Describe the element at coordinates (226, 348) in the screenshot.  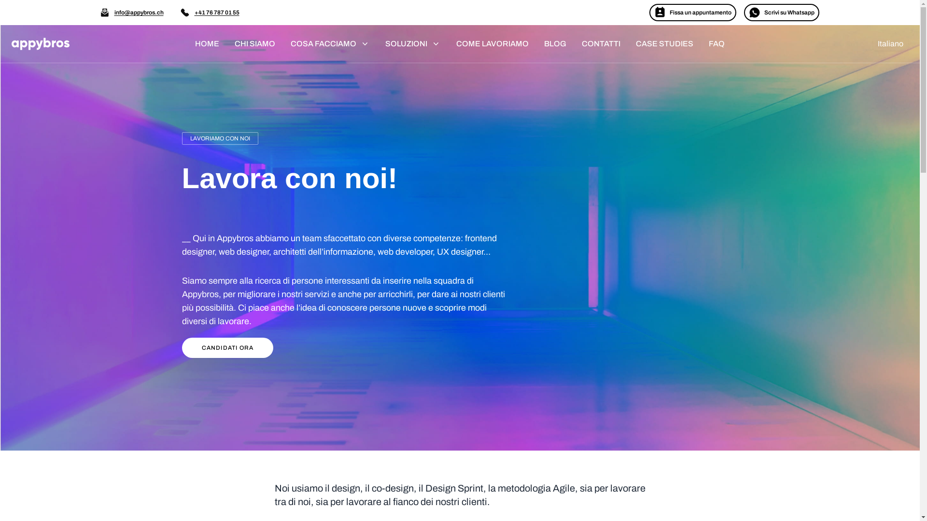
I see `'CANDIDATI ORA'` at that location.